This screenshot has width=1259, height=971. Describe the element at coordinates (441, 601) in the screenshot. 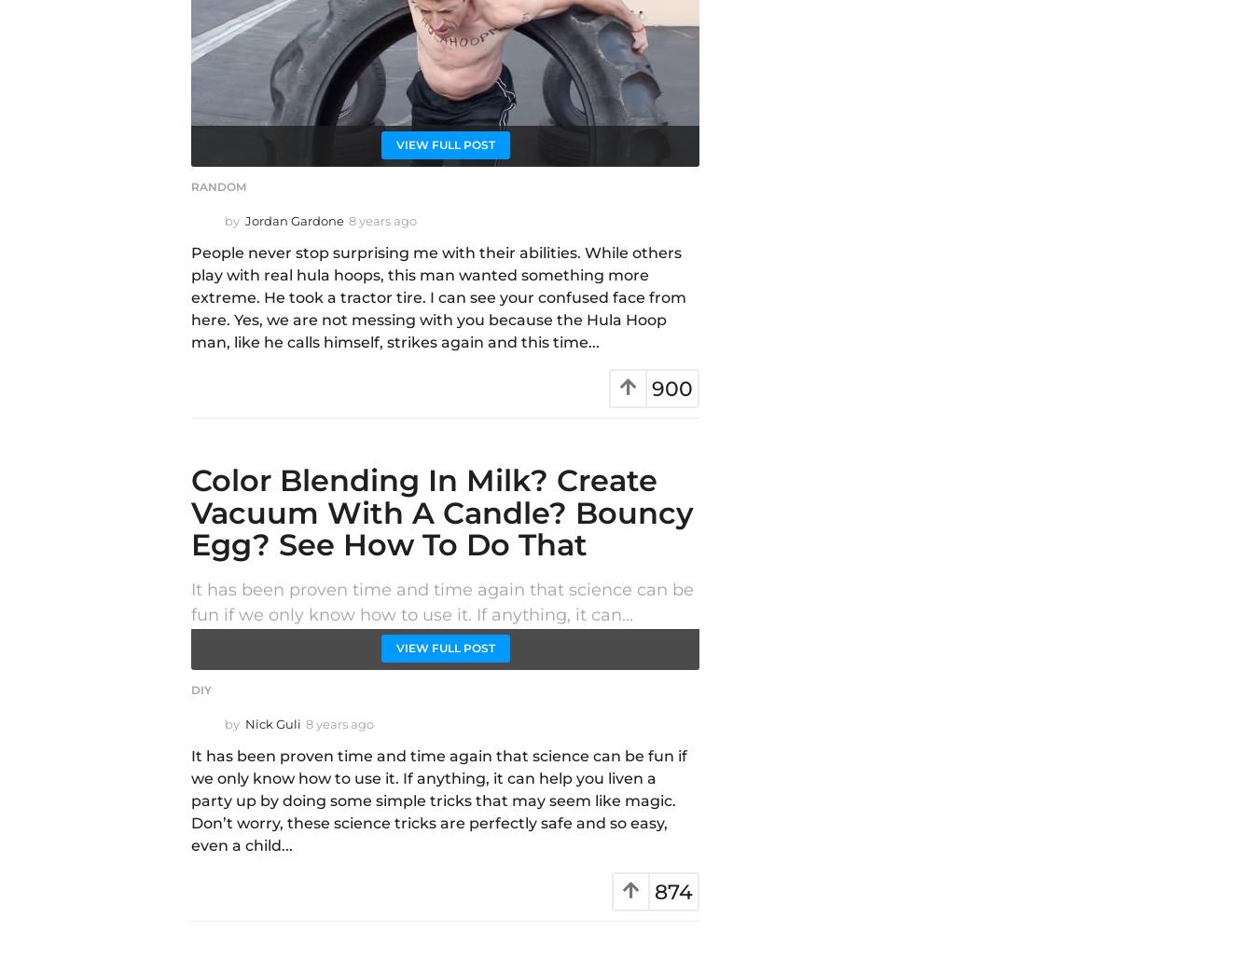

I see `'It has been proven time and time again that science can be fun if we only know how to use it. If anything, it can...'` at that location.